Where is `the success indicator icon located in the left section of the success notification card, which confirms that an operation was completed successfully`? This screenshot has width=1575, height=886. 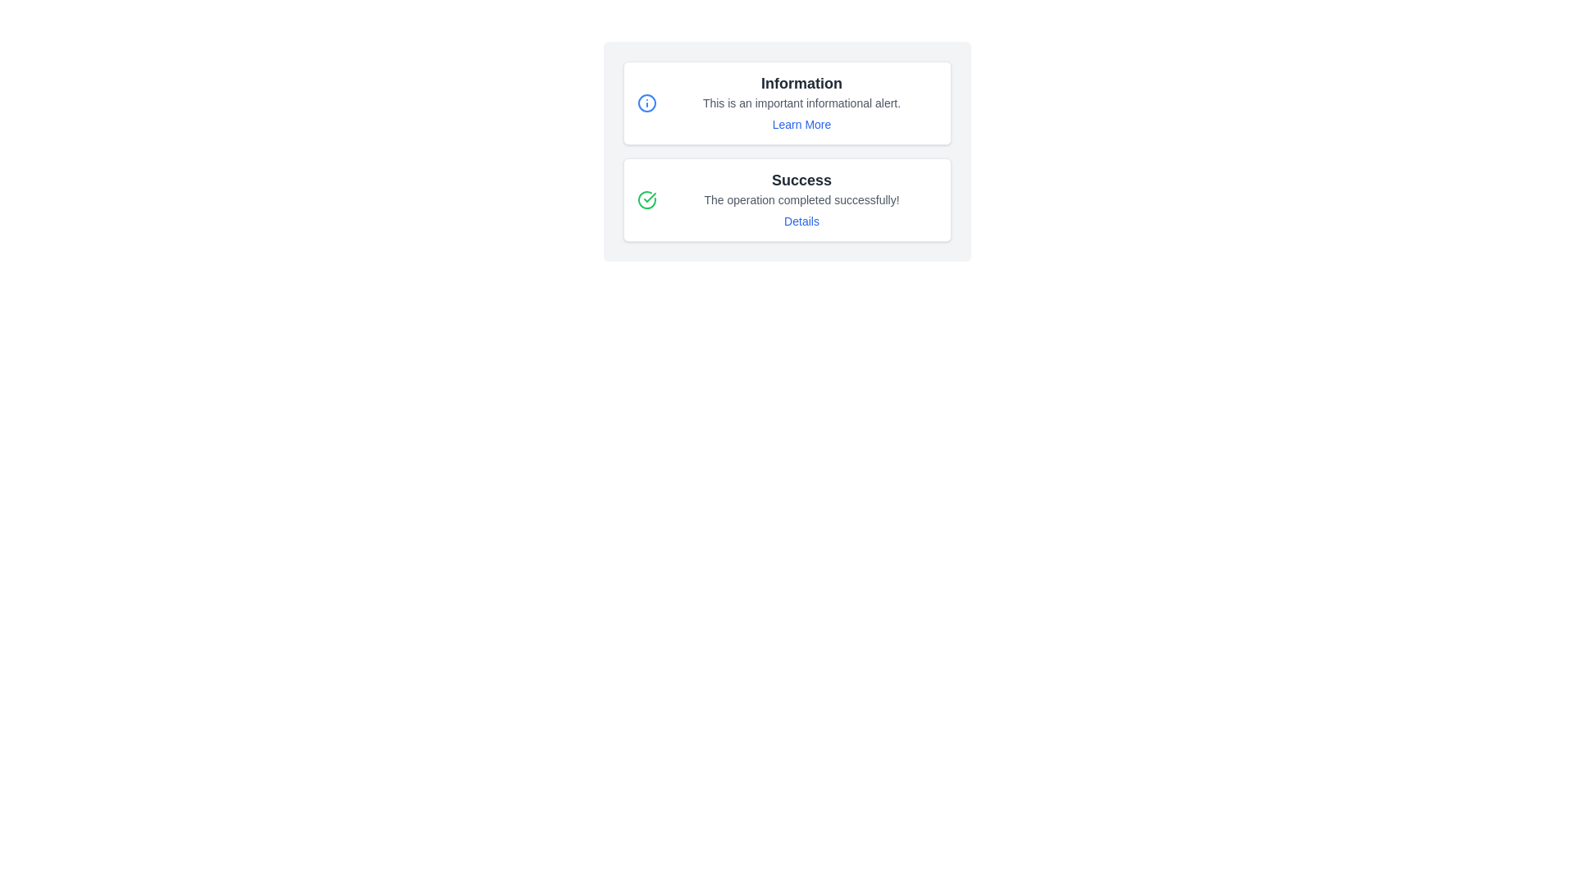 the success indicator icon located in the left section of the success notification card, which confirms that an operation was completed successfully is located at coordinates (646, 199).